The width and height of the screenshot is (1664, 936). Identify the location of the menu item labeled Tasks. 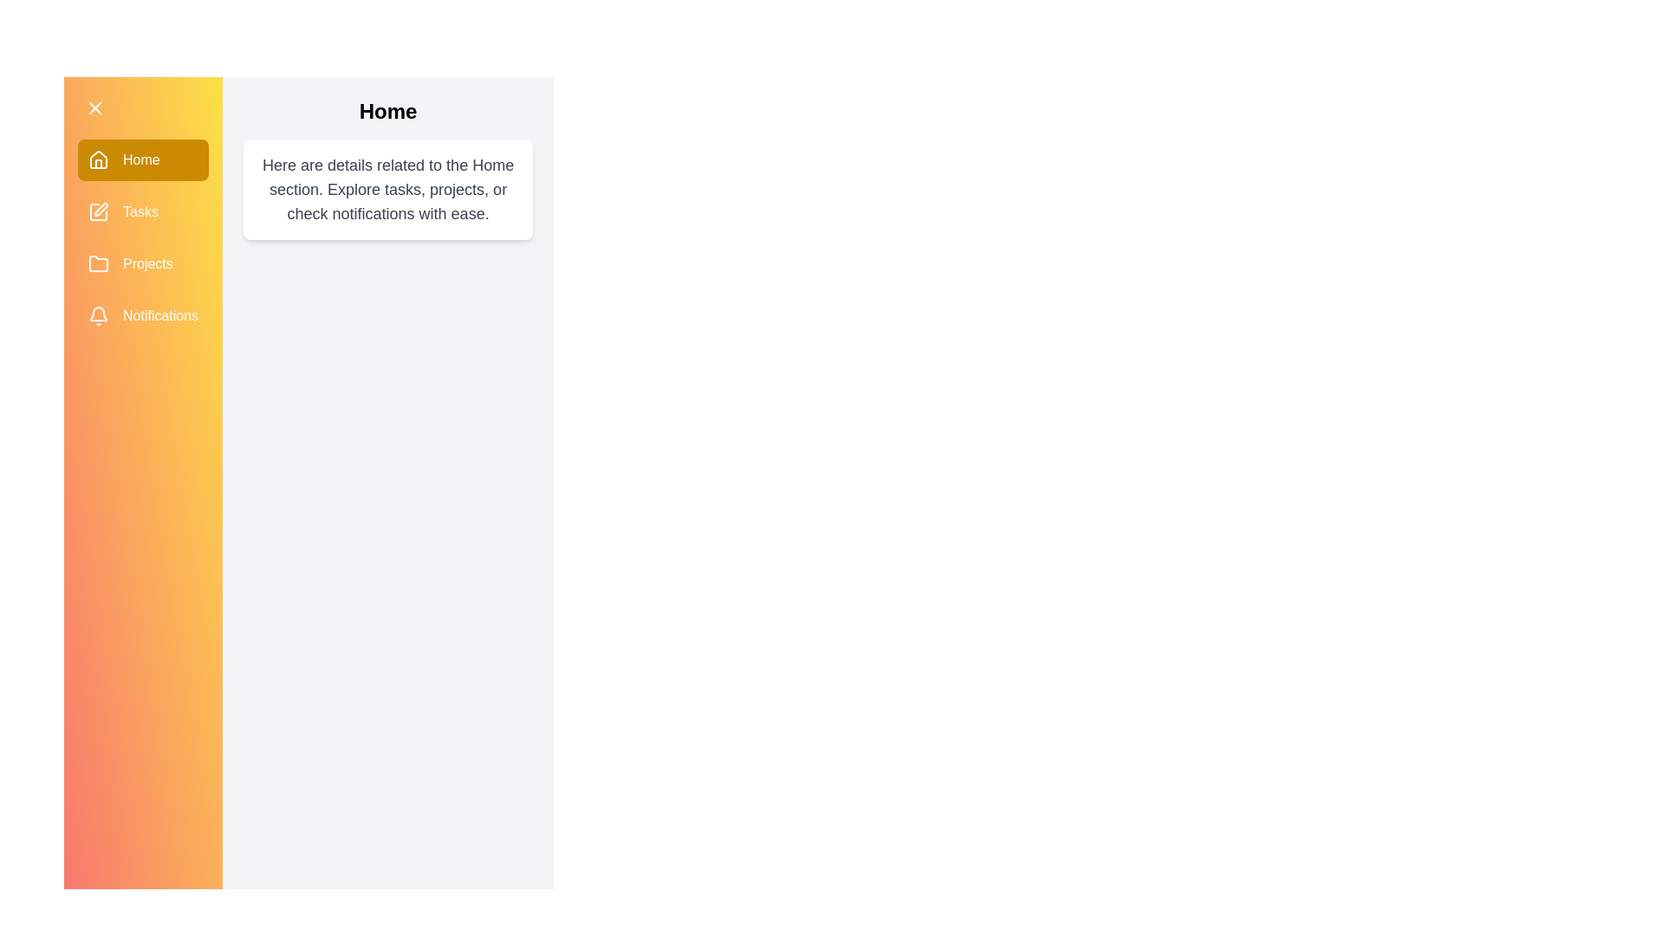
(142, 211).